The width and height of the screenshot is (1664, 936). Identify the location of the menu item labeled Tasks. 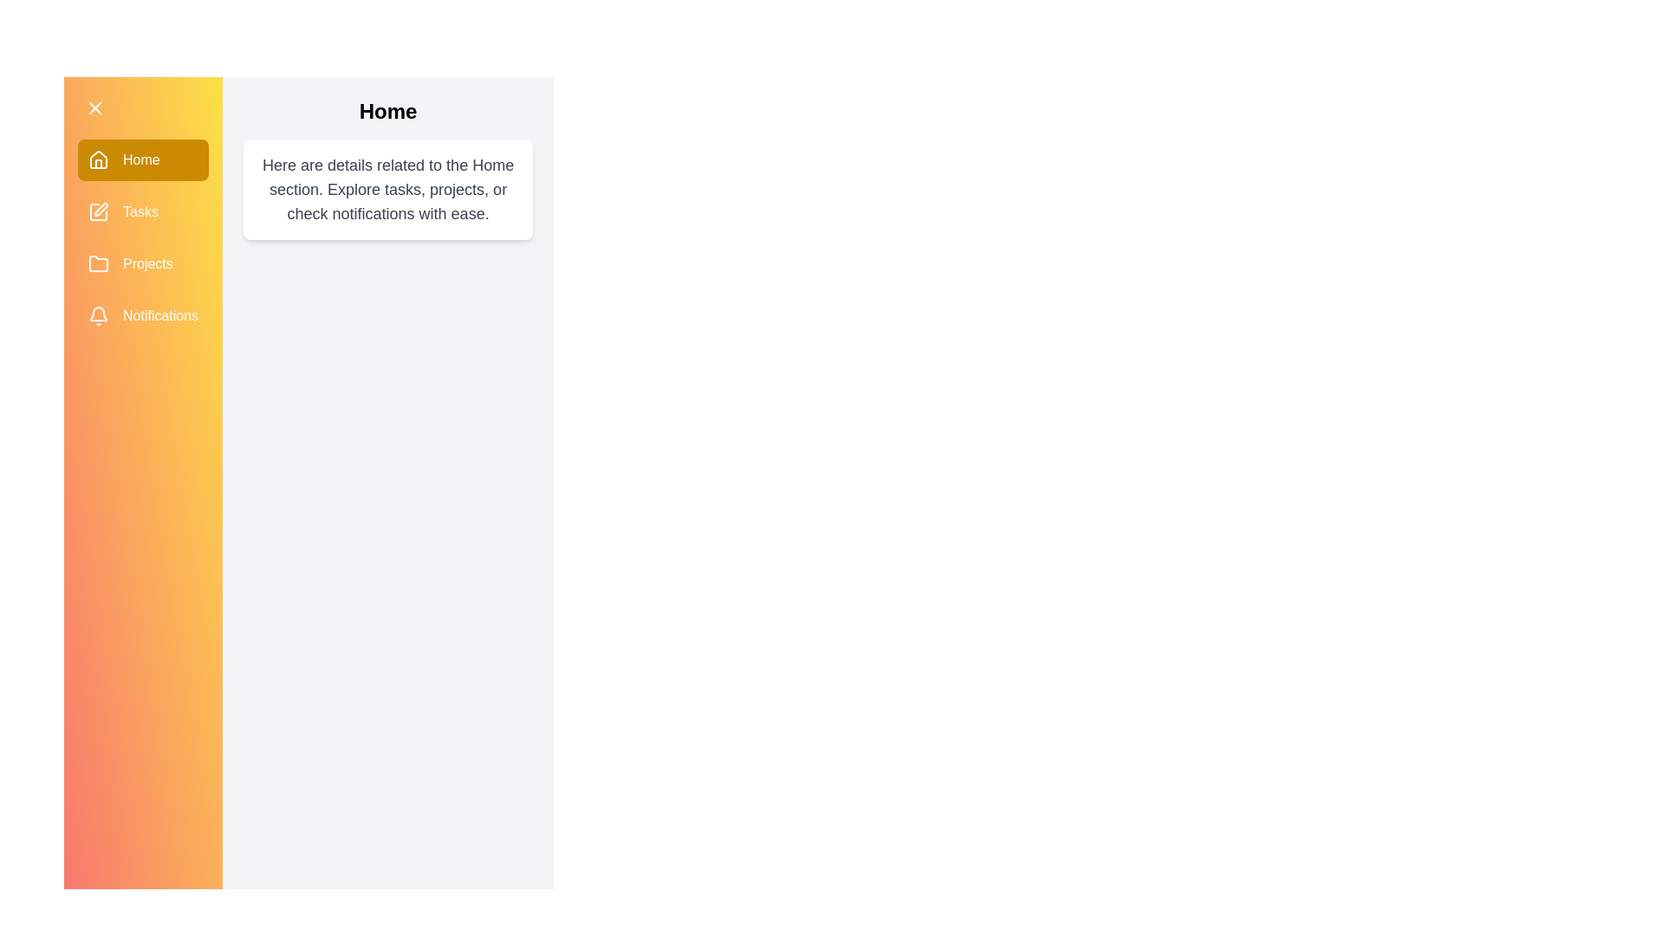
(142, 211).